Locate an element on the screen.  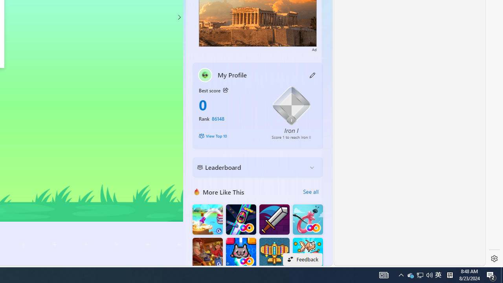
'Saloon Robbery' is located at coordinates (207, 253).